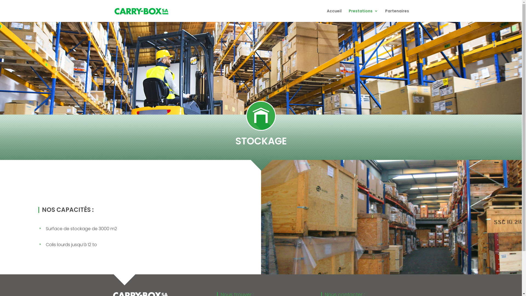  Describe the element at coordinates (348, 15) in the screenshot. I see `'Prestations'` at that location.